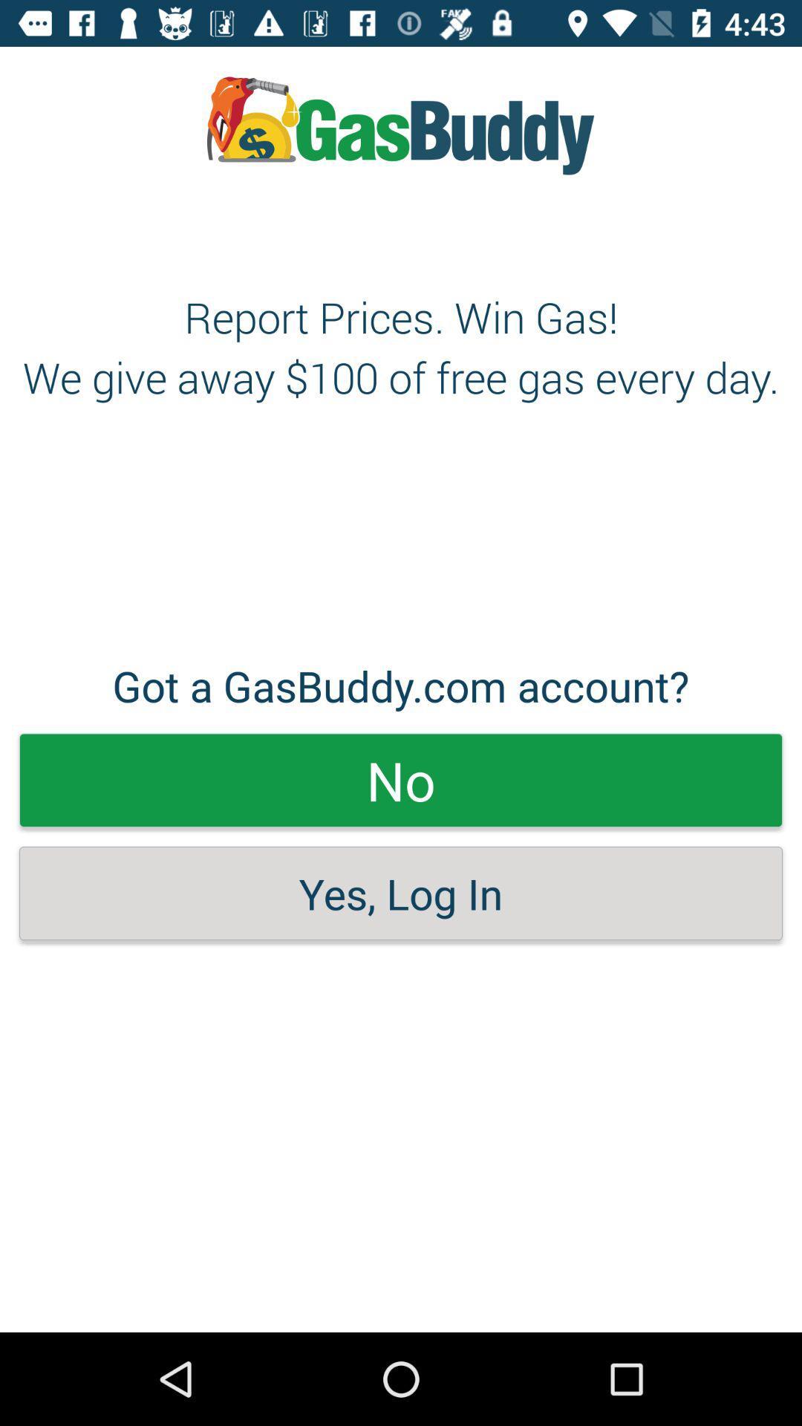  I want to click on icon above the yes, log in item, so click(401, 779).